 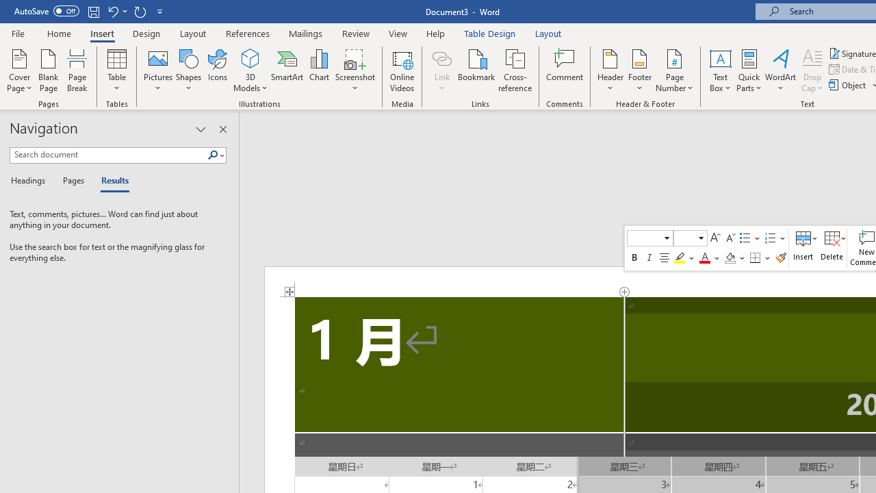 What do you see at coordinates (704, 257) in the screenshot?
I see `'Font Color Red'` at bounding box center [704, 257].